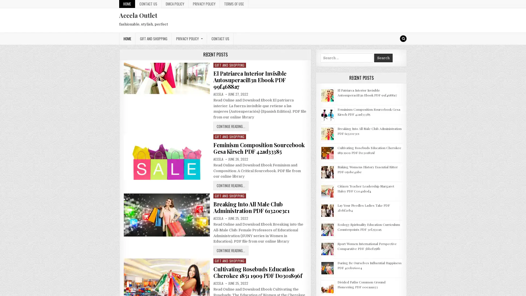 Image resolution: width=526 pixels, height=296 pixels. Describe the element at coordinates (383, 58) in the screenshot. I see `Search` at that location.